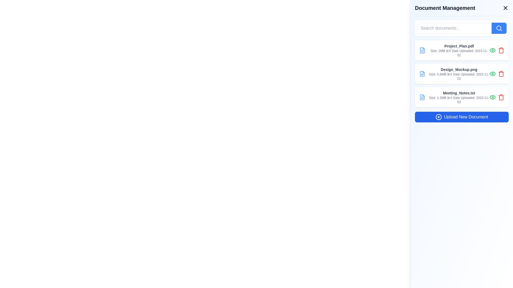 The height and width of the screenshot is (288, 513). I want to click on the Icon button located to the right of the file name, so click(492, 50).